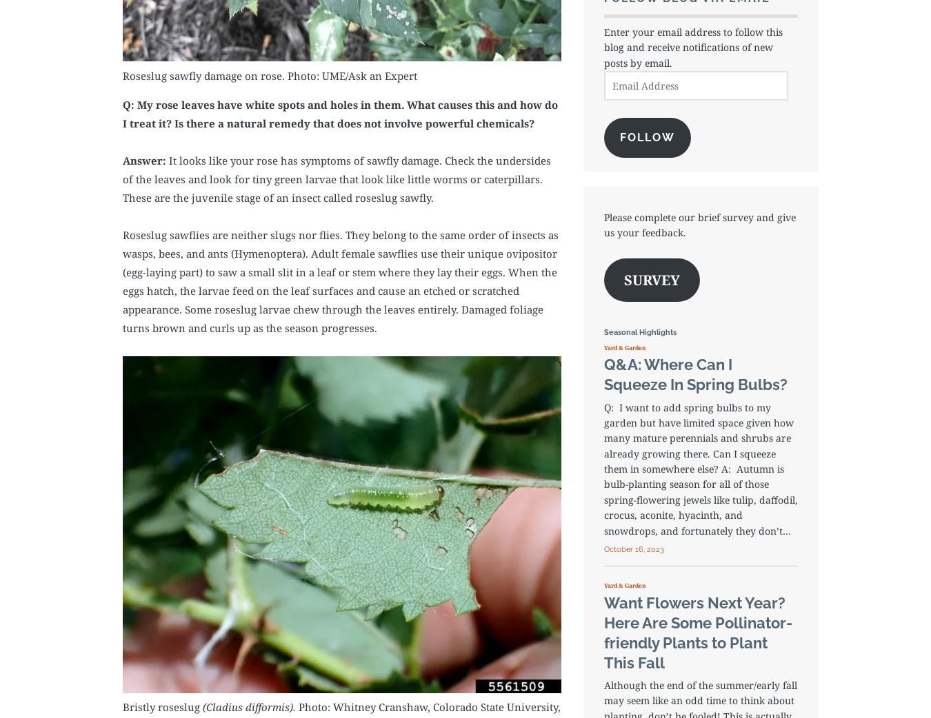 Image resolution: width=931 pixels, height=718 pixels. I want to click on 'Roseslug sawflies are neither slugs nor flies. They belong to the same order of insects as wasps, bees, and ants (Hymenoptera). Adult female sawflies use their unique ovipositor (egg-laying part) to saw a small slit in a leaf or stem where they lay their eggs. When the eggs hatch, the larvae feed on the leaf surfaces and cause an etched or scratched appearance. Some roseslug larvae chew through the leaves entirely. Damaged foliage turns brown and curls up as the season progresses.', so click(339, 280).